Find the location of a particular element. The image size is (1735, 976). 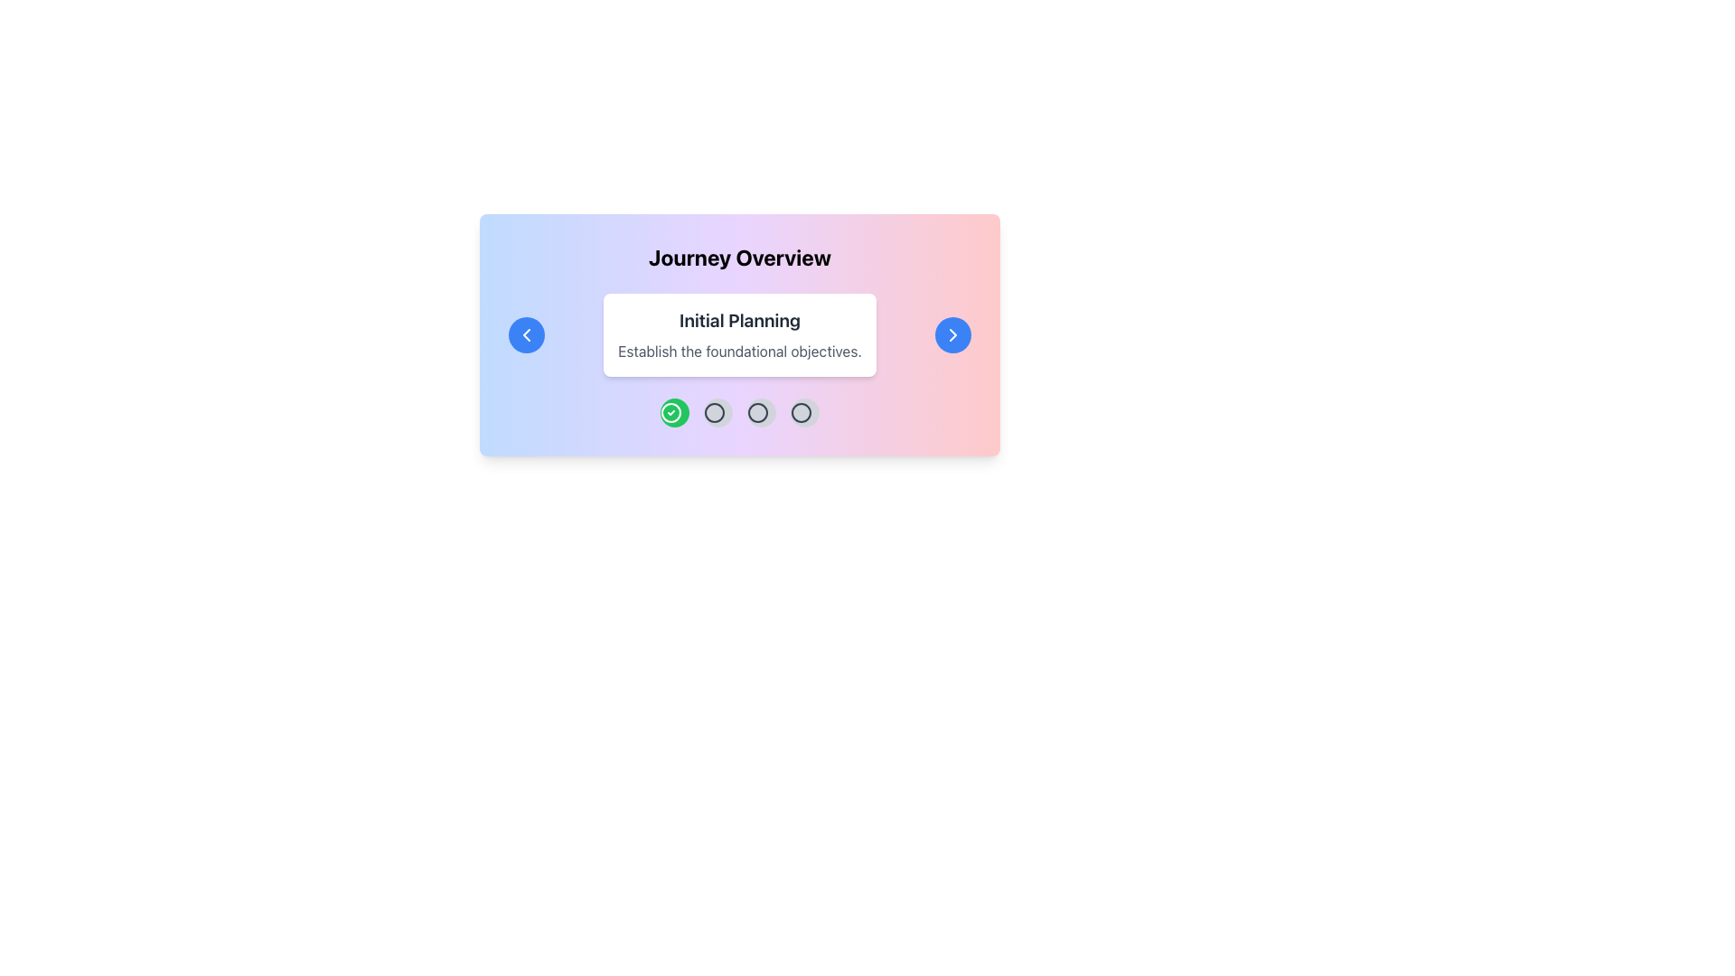

the right-facing chevron icon within the blue circular button located at the right side of the interface is located at coordinates (952, 334).